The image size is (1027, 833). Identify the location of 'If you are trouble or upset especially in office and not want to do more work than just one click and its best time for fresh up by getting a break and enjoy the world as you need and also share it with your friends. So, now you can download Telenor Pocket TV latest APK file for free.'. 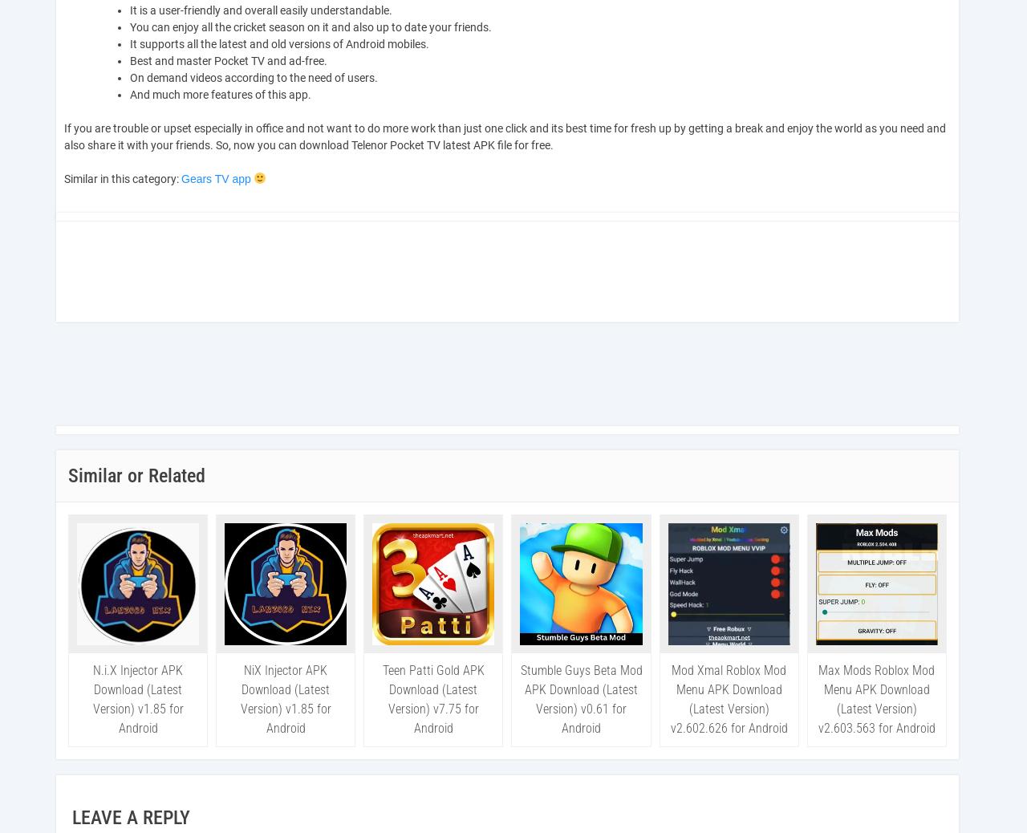
(504, 136).